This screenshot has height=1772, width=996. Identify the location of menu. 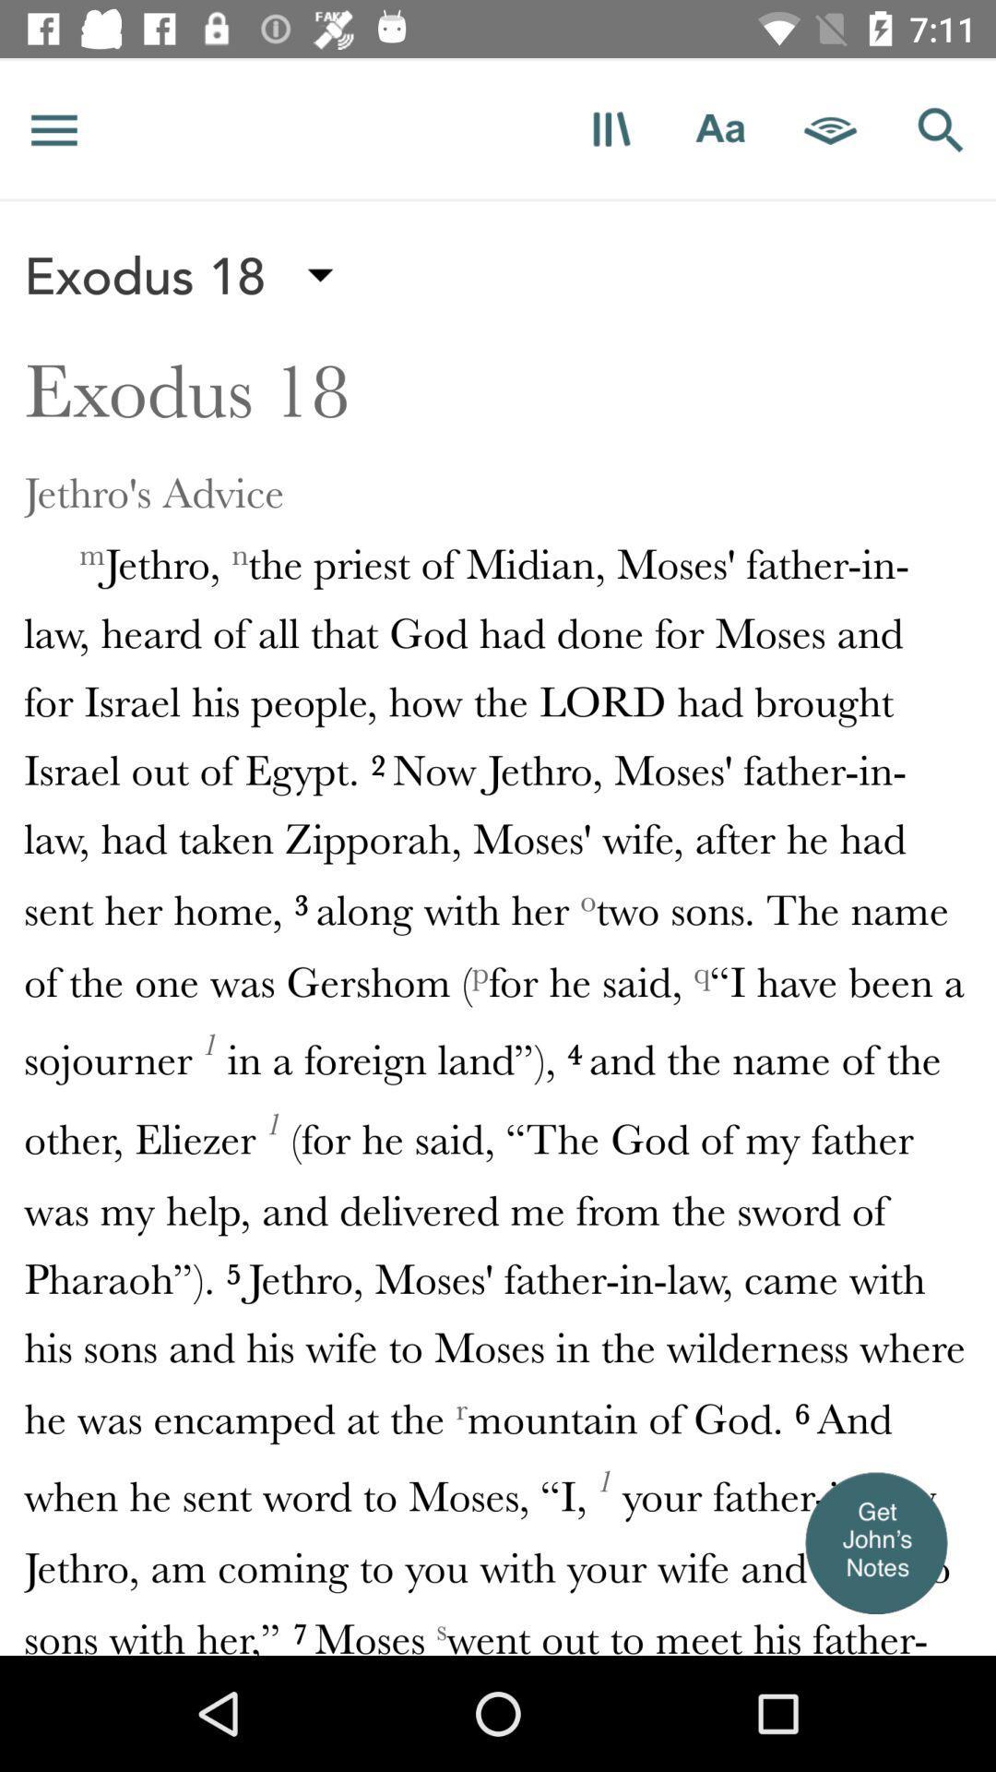
(53, 128).